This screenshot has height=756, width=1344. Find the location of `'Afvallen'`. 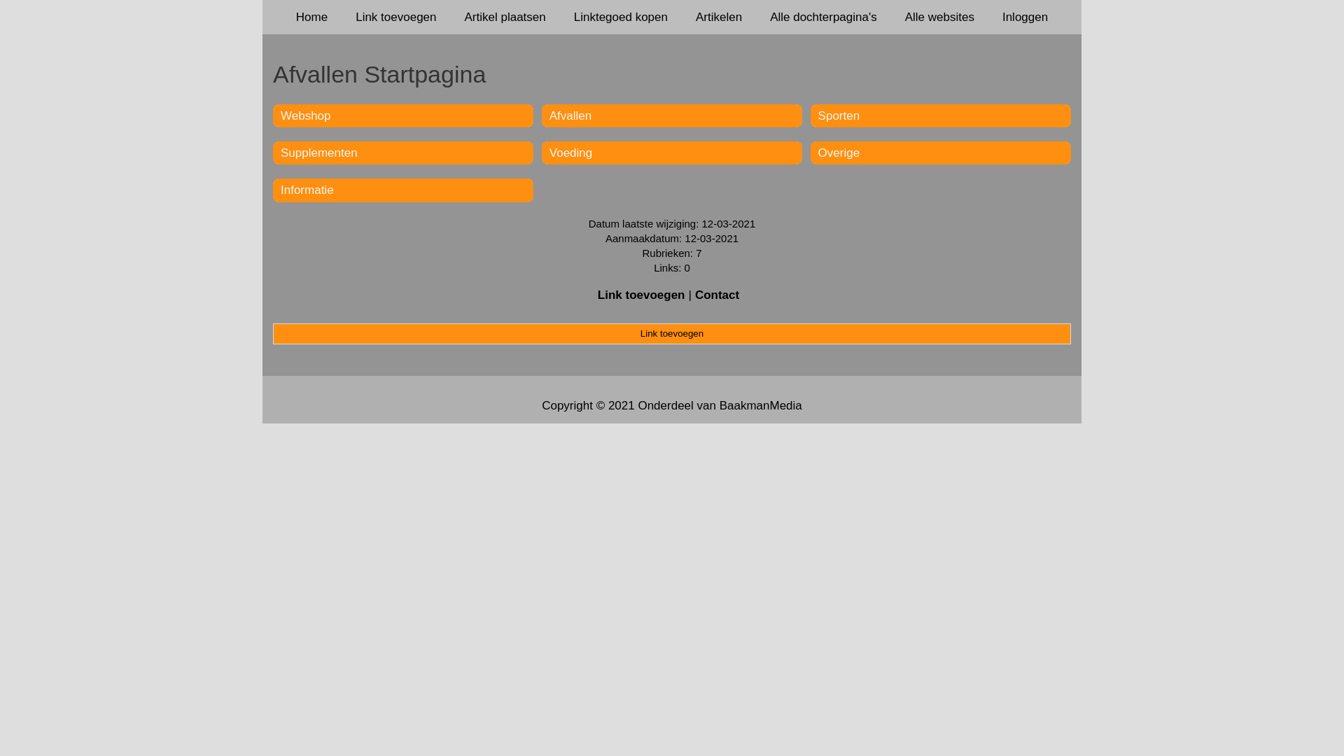

'Afvallen' is located at coordinates (570, 115).